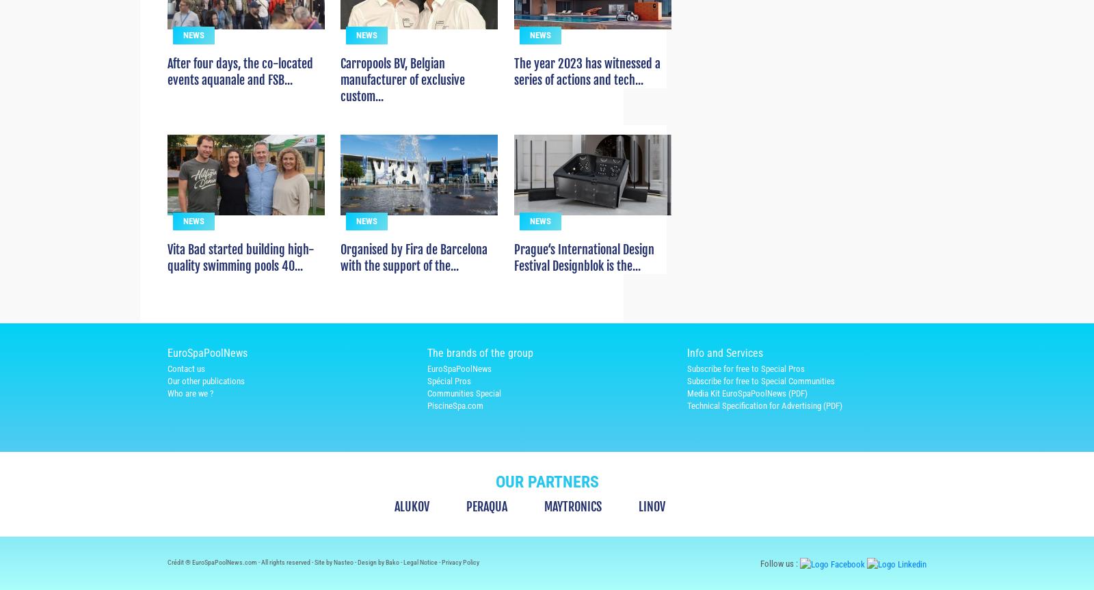 Image resolution: width=1094 pixels, height=590 pixels. What do you see at coordinates (340, 104) in the screenshot?
I see `'Carropools BV, Belgian manufacturer of exclusive custom...'` at bounding box center [340, 104].